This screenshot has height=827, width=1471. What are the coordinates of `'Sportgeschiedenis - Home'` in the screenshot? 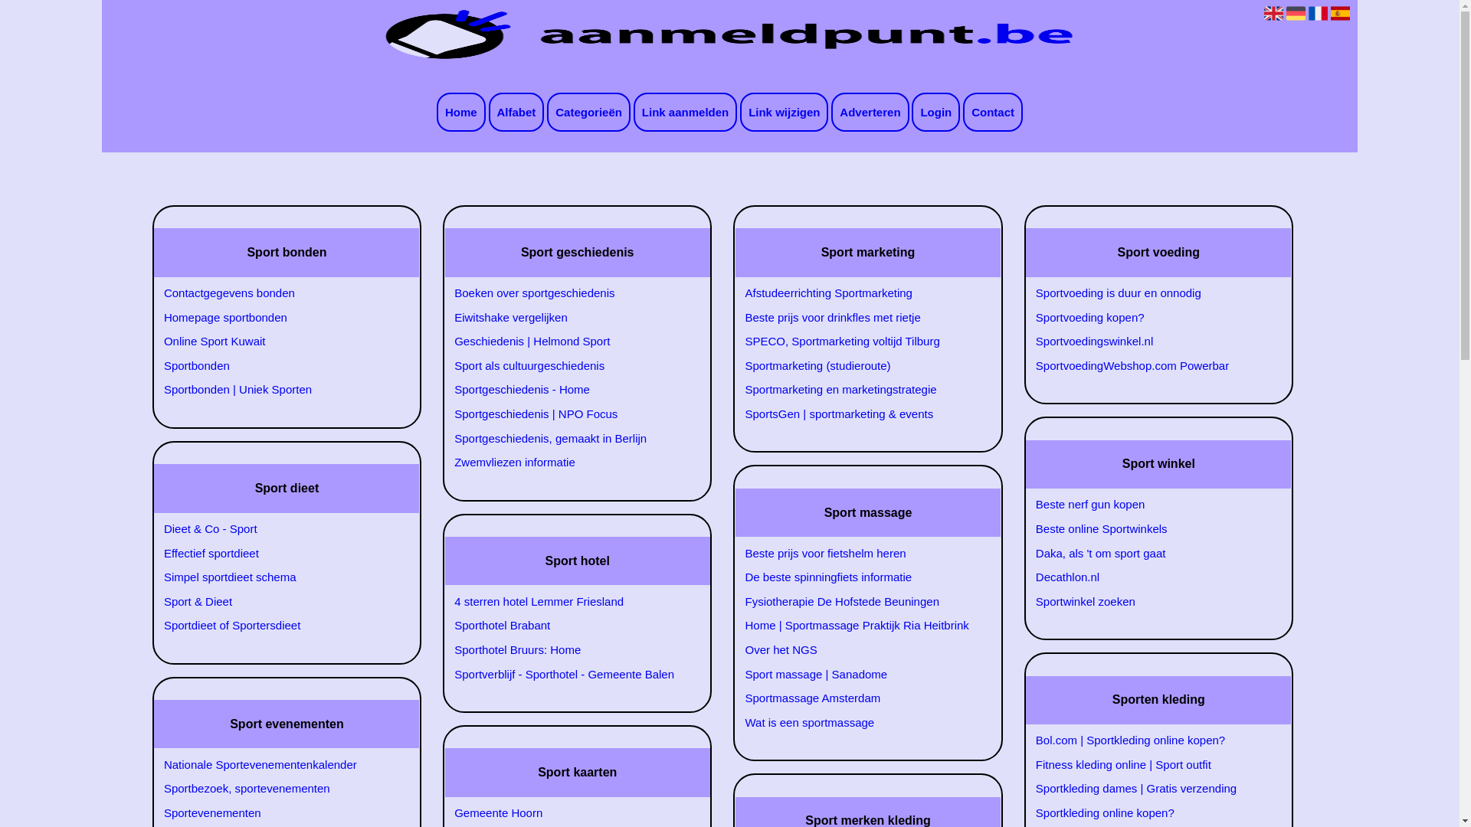 It's located at (568, 389).